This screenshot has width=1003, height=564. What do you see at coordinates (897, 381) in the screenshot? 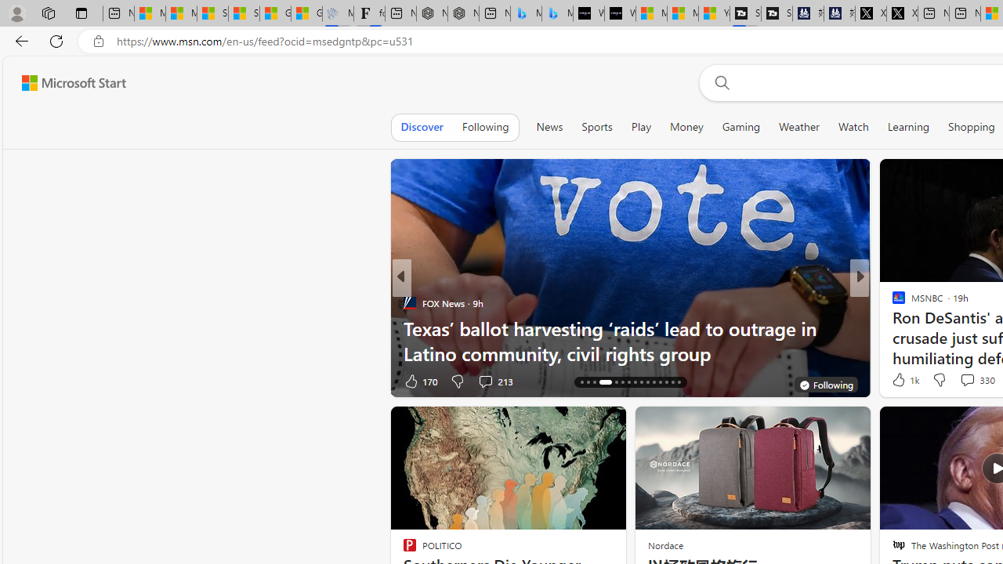
I see `'5 Like'` at bounding box center [897, 381].